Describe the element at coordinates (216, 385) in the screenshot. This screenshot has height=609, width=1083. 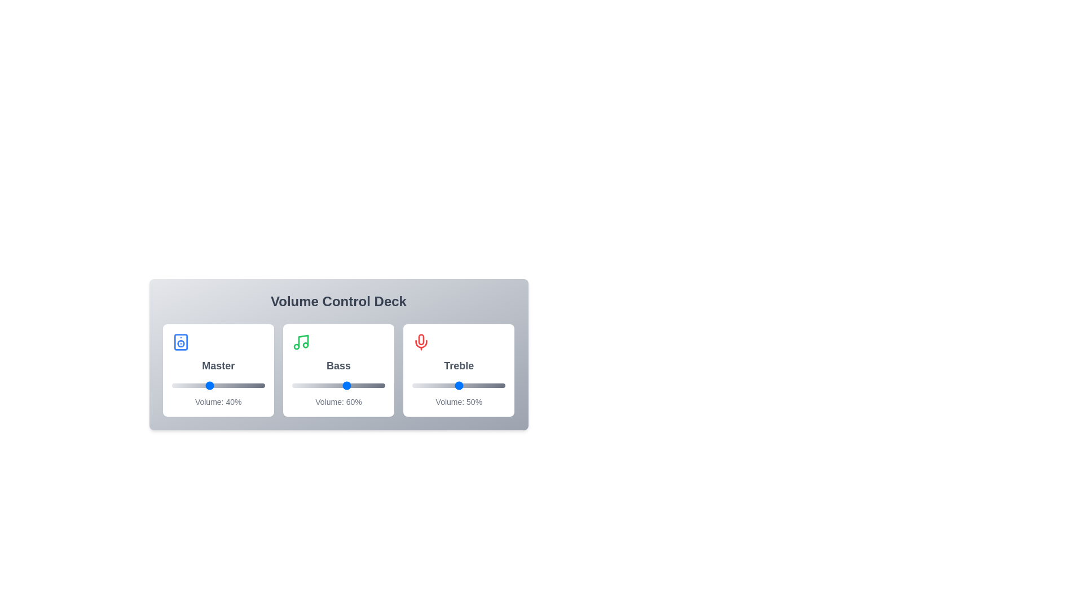
I see `the Master volume slider to 48%` at that location.